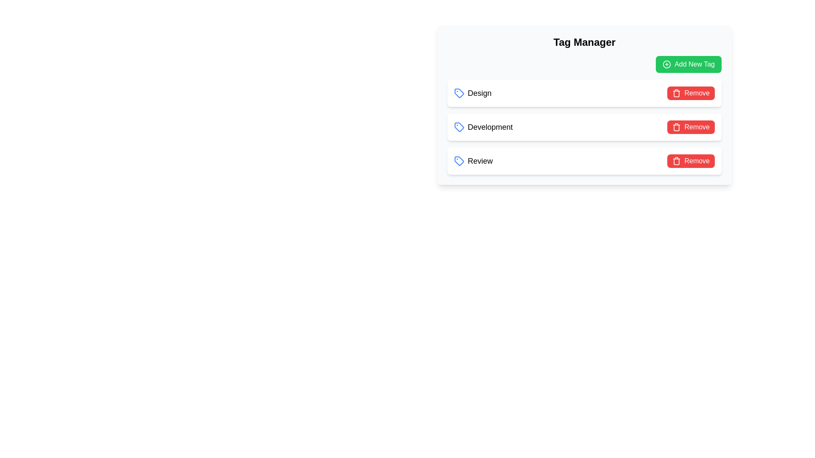 The width and height of the screenshot is (815, 458). I want to click on the rounded red button labeled 'Remove' with a trash icon on its left, located at the rightmost position in the last row of the panel containing the 'Review' text, so click(691, 161).